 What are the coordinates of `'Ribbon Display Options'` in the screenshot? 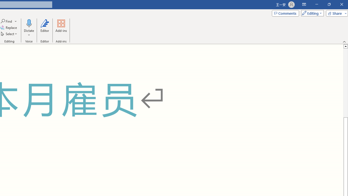 It's located at (304, 4).